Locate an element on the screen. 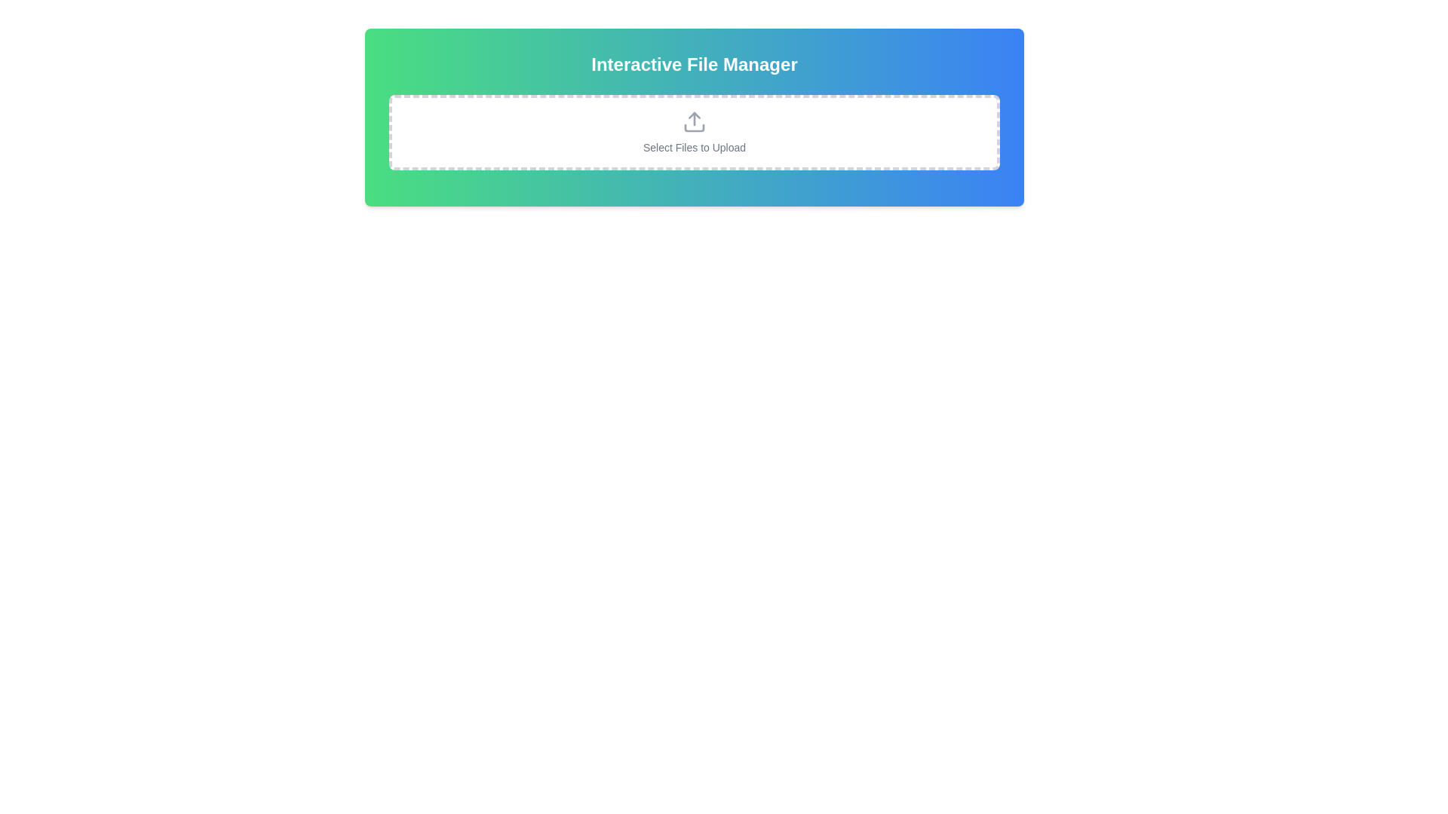  the area around the upload icon, which is an outlined arrow pointing upwards is located at coordinates (694, 121).